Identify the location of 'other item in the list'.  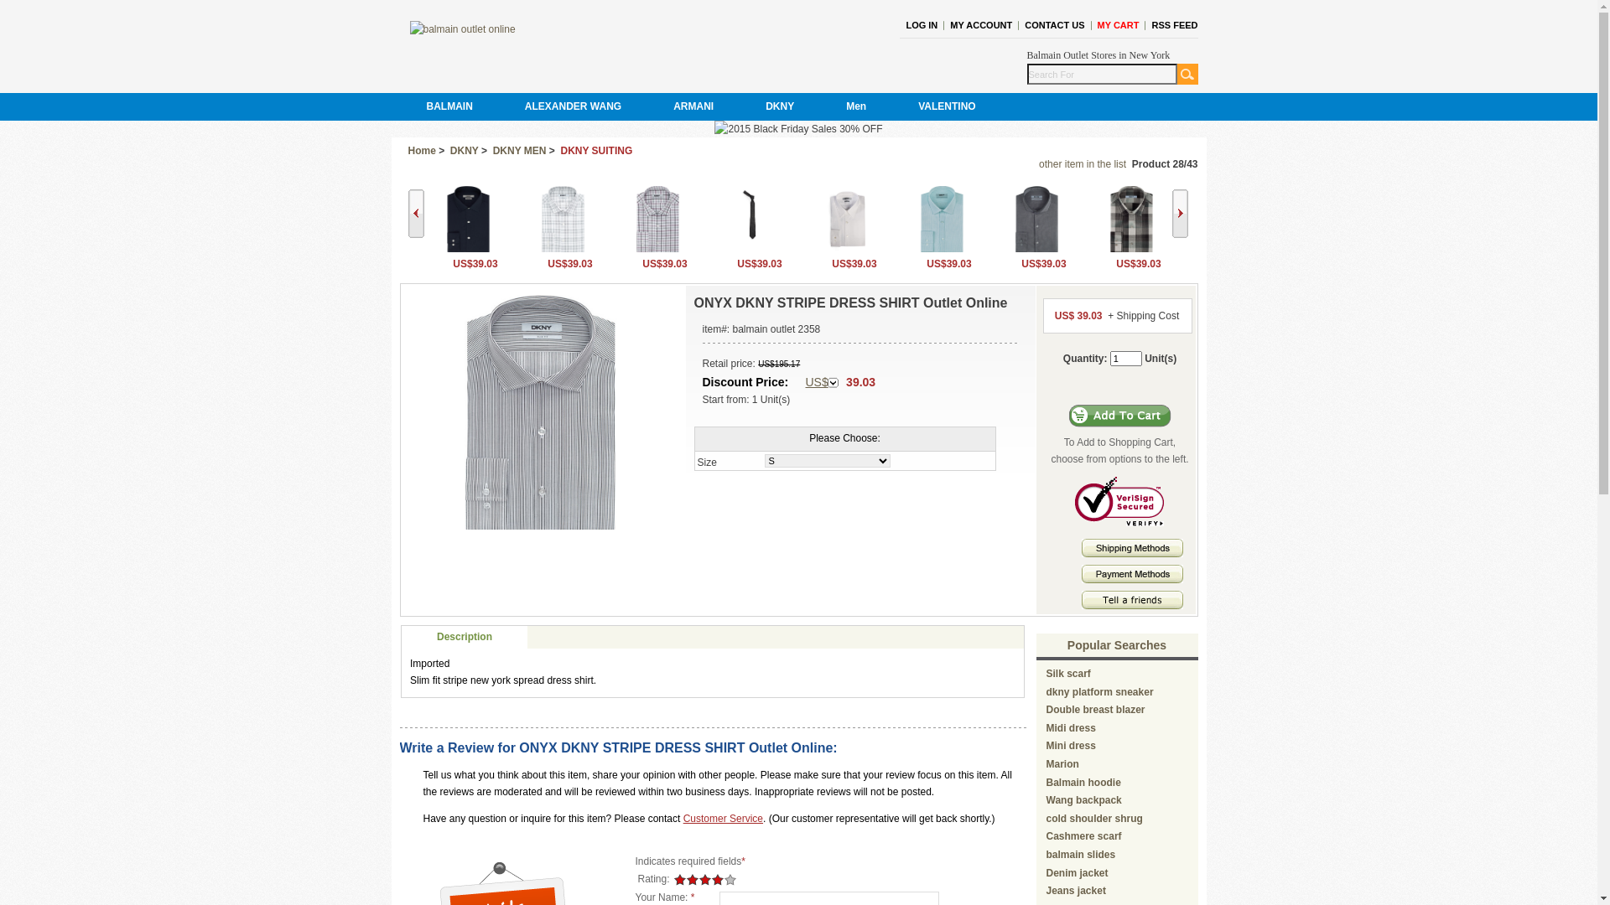
(1083, 164).